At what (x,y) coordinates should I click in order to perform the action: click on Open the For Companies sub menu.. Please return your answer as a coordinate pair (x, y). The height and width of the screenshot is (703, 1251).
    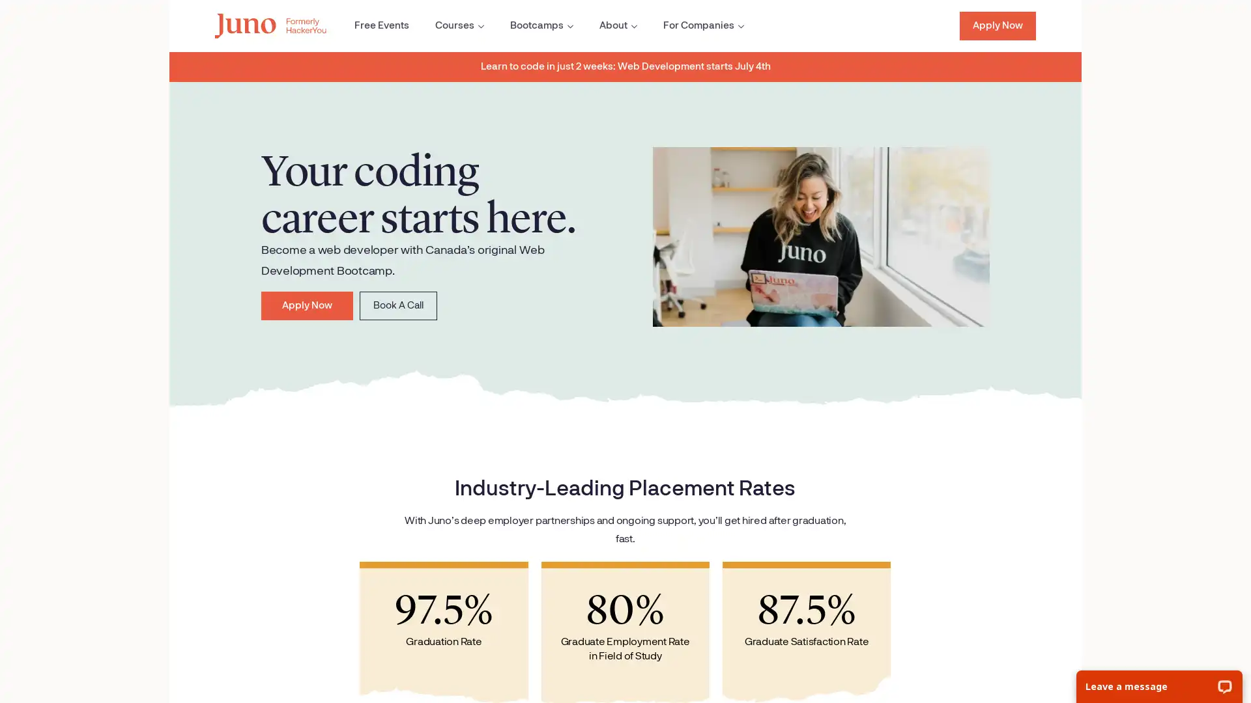
    Looking at the image, I should click on (691, 25).